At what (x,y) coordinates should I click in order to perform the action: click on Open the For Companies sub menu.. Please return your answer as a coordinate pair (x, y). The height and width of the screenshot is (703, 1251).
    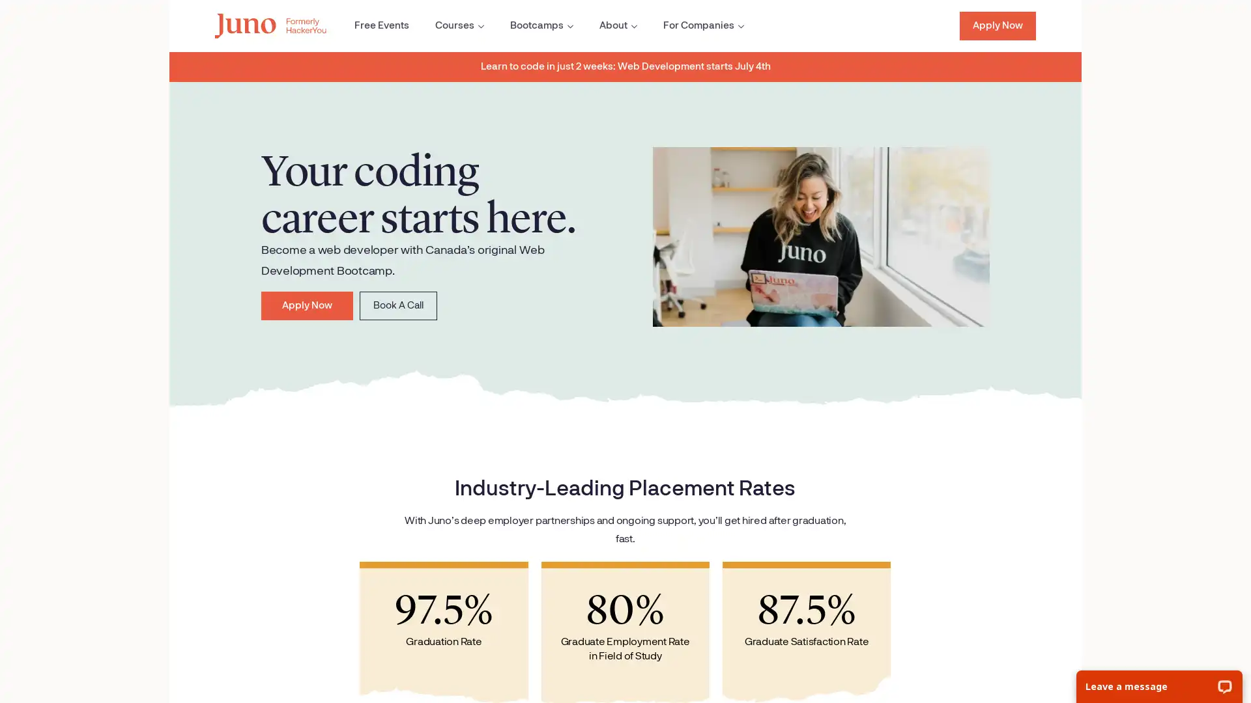
    Looking at the image, I should click on (691, 25).